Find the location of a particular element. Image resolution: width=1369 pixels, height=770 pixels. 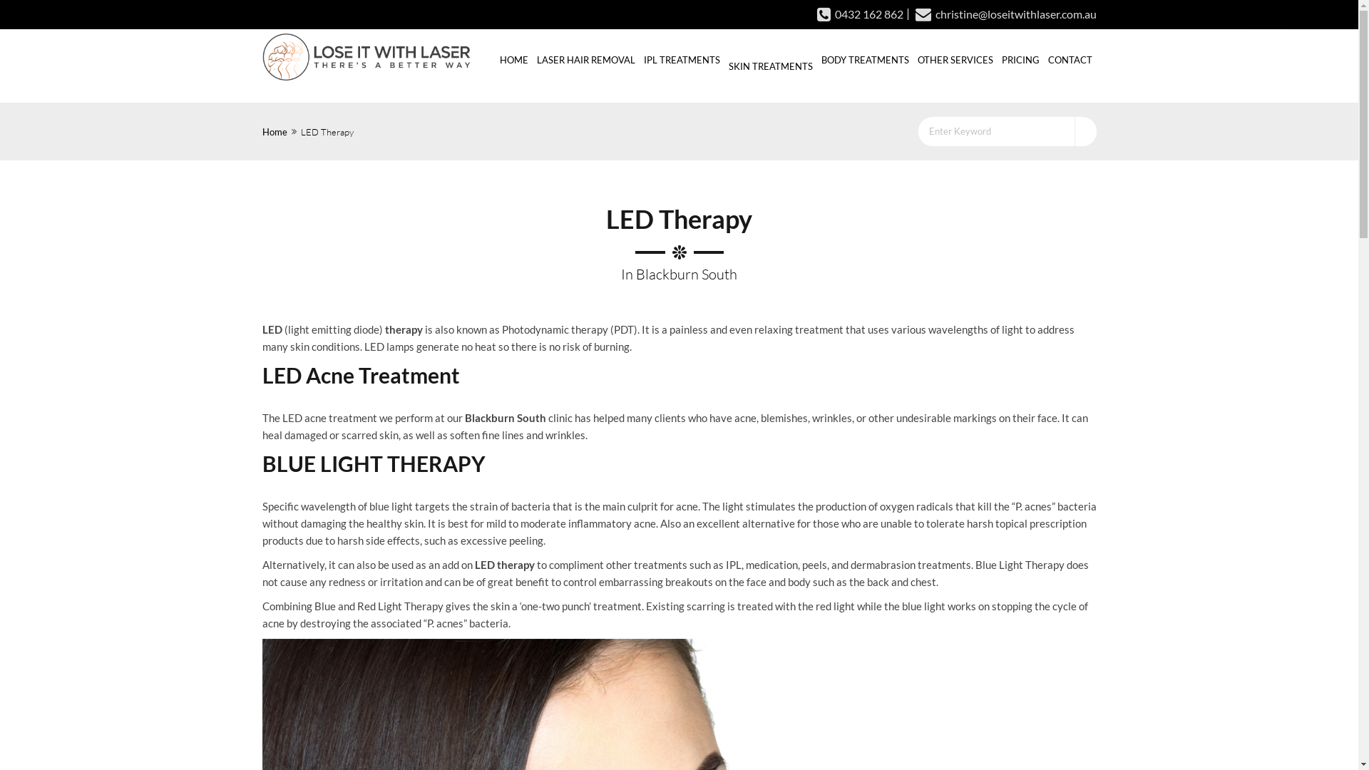

'BODY TREATMENTS' is located at coordinates (817, 58).